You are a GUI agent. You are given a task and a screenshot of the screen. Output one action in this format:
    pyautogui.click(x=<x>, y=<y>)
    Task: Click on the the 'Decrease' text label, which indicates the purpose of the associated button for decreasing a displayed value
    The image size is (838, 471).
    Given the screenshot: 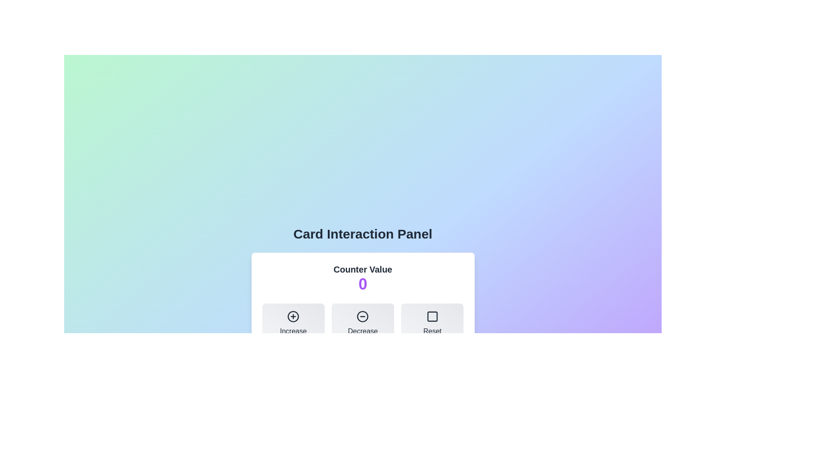 What is the action you would take?
    pyautogui.click(x=363, y=331)
    